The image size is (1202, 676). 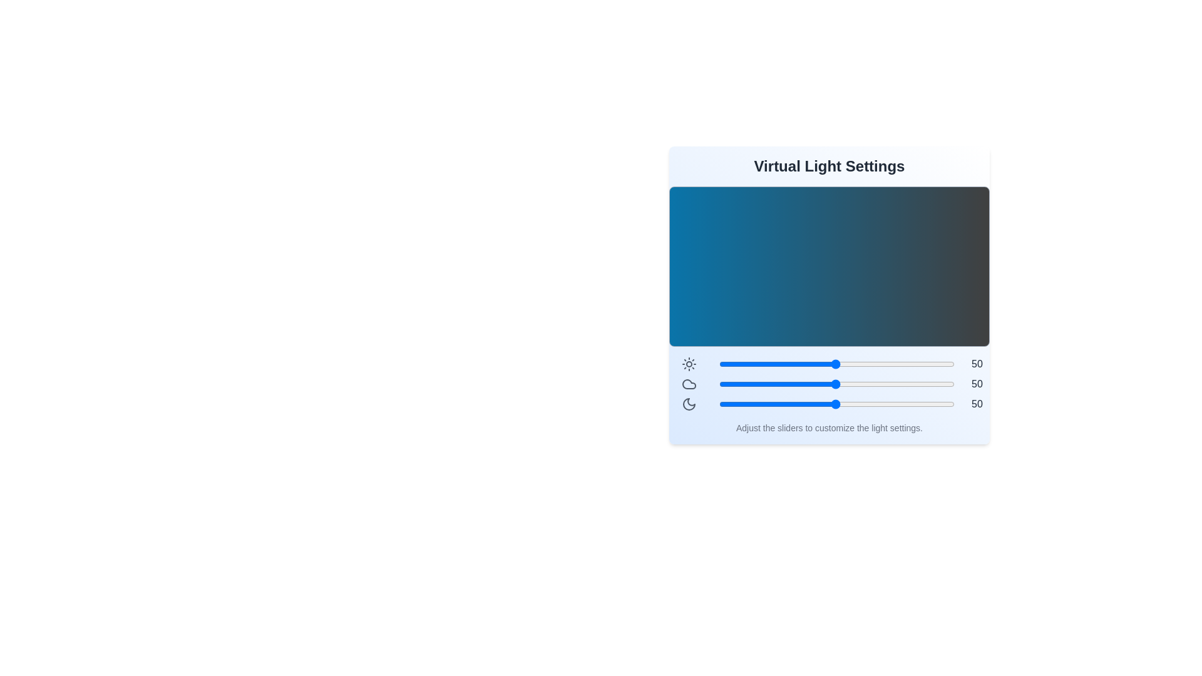 What do you see at coordinates (826, 364) in the screenshot?
I see `the brightness slider to 46 level` at bounding box center [826, 364].